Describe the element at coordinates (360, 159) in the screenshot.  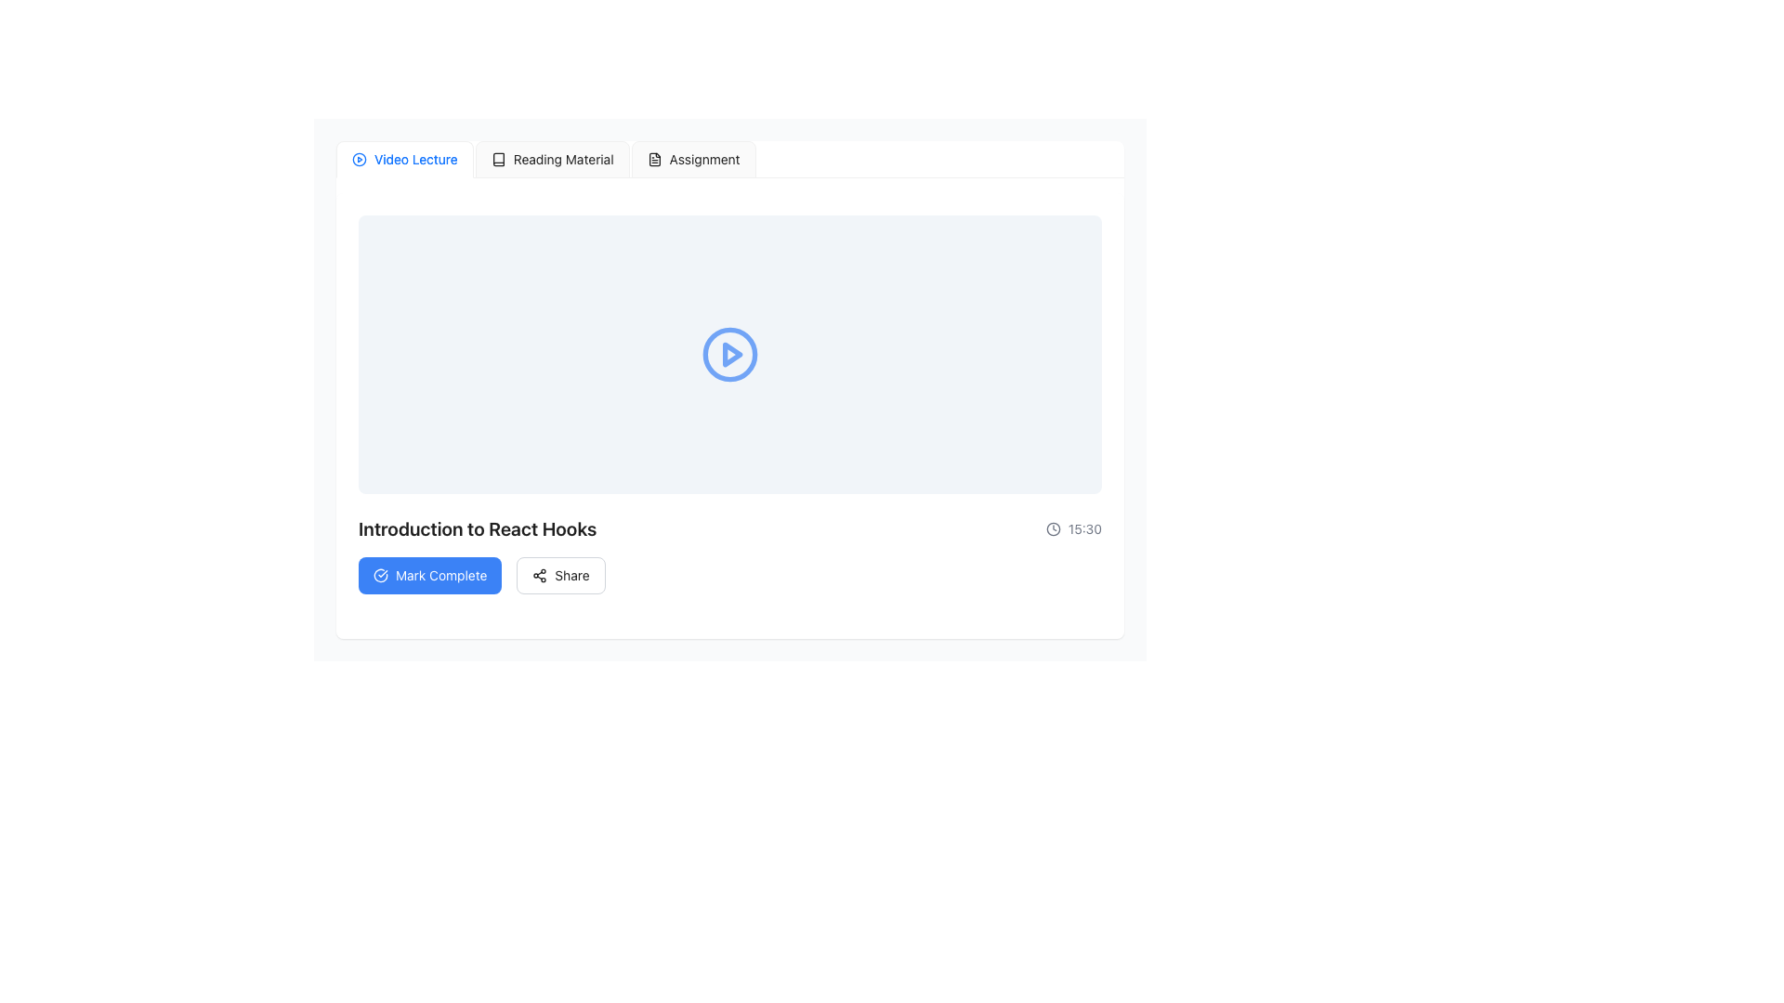
I see `the small circular play button icon with a triangular play symbol next to the 'Video Lecture' label to initiate video playback` at that location.